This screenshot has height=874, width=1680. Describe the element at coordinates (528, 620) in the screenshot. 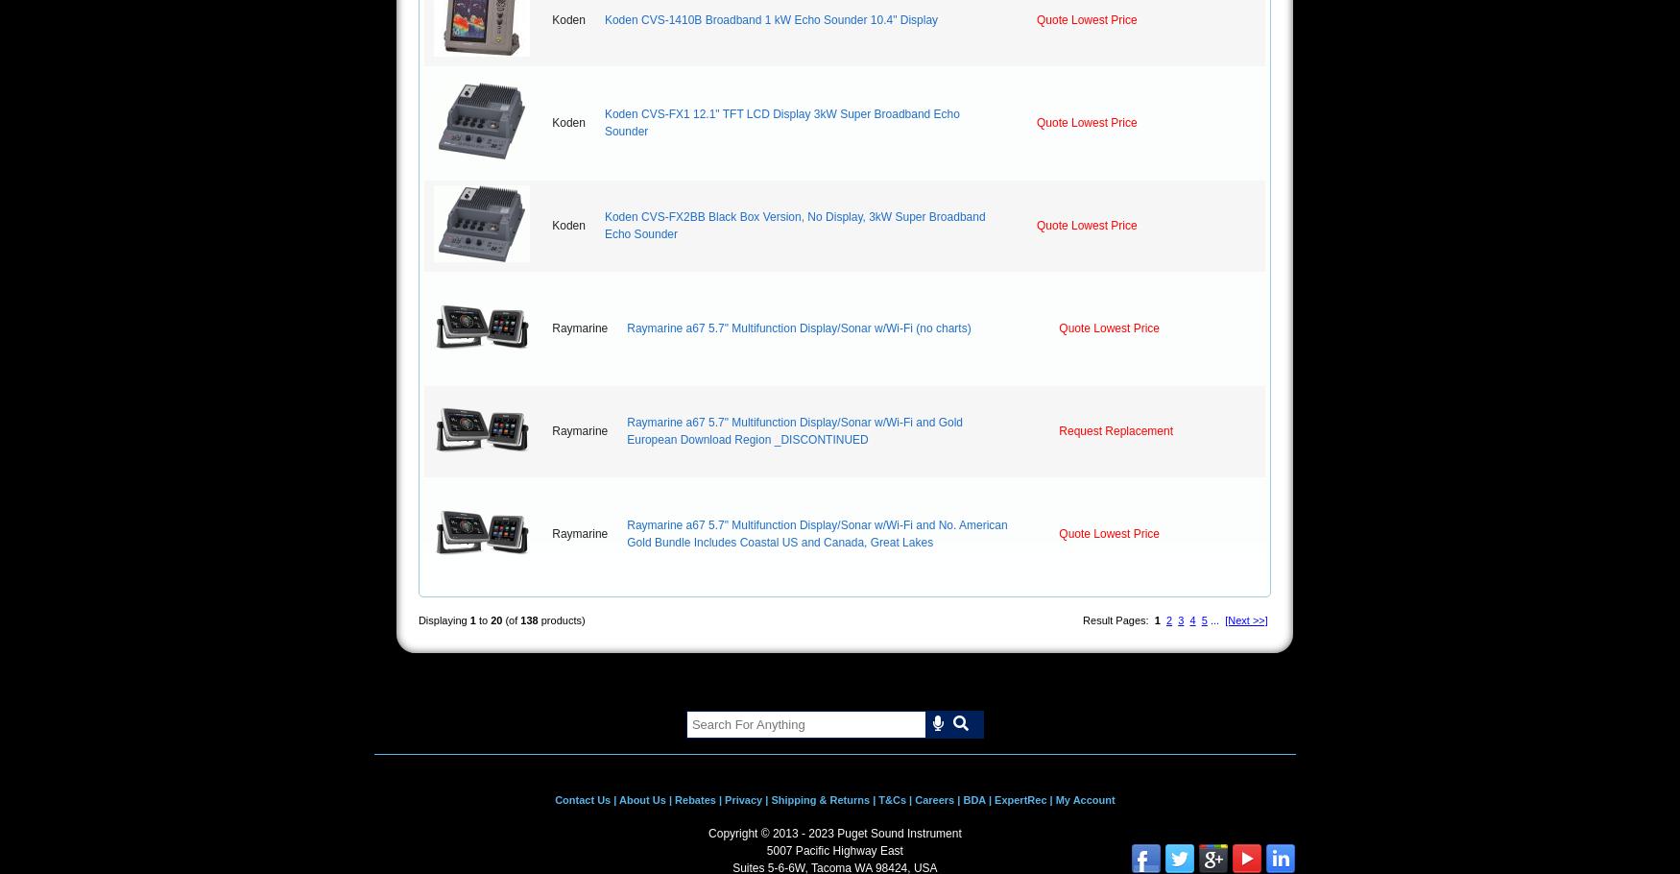

I see `'138'` at that location.